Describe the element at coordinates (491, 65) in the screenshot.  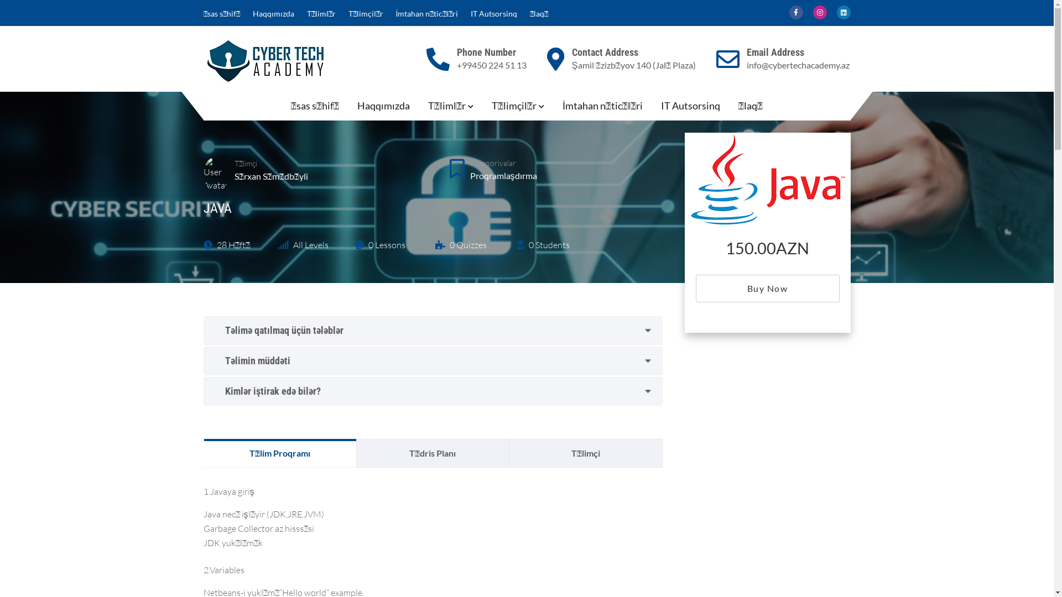
I see `'+99450 224 51 13'` at that location.